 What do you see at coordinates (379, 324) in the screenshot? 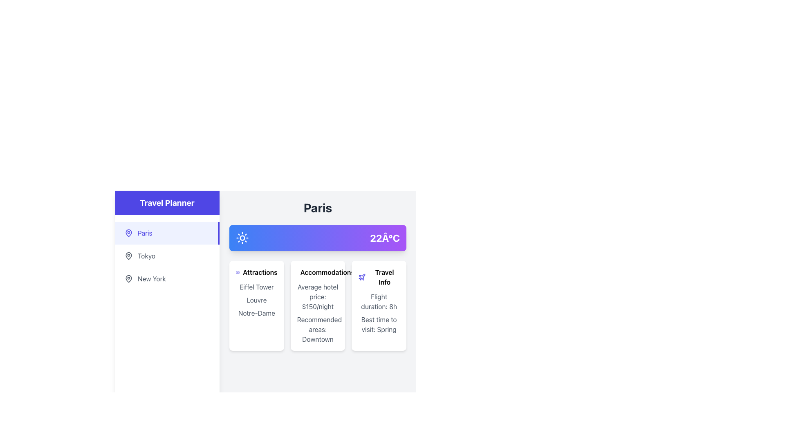
I see `information displayed in the Text Display that says 'Best time to visit: Spring', which is located in the white card labeled 'Travel Info' in the grid layout` at bounding box center [379, 324].